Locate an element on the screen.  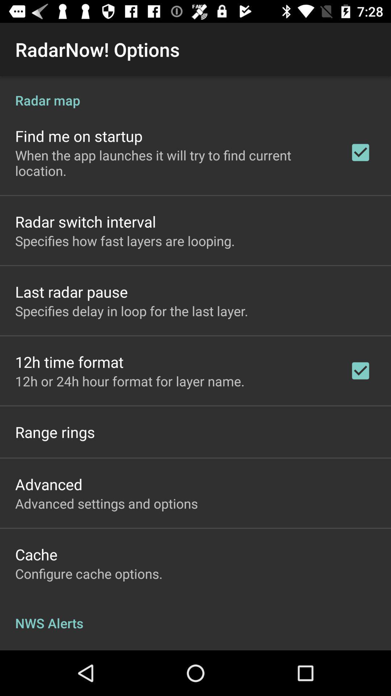
the item above specifies delay in app is located at coordinates (71, 291).